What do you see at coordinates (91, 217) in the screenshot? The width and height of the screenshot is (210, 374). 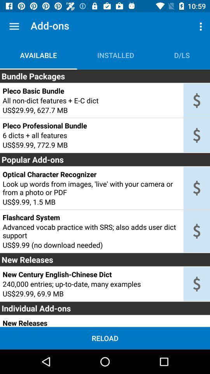 I see `flashcard system item` at bounding box center [91, 217].